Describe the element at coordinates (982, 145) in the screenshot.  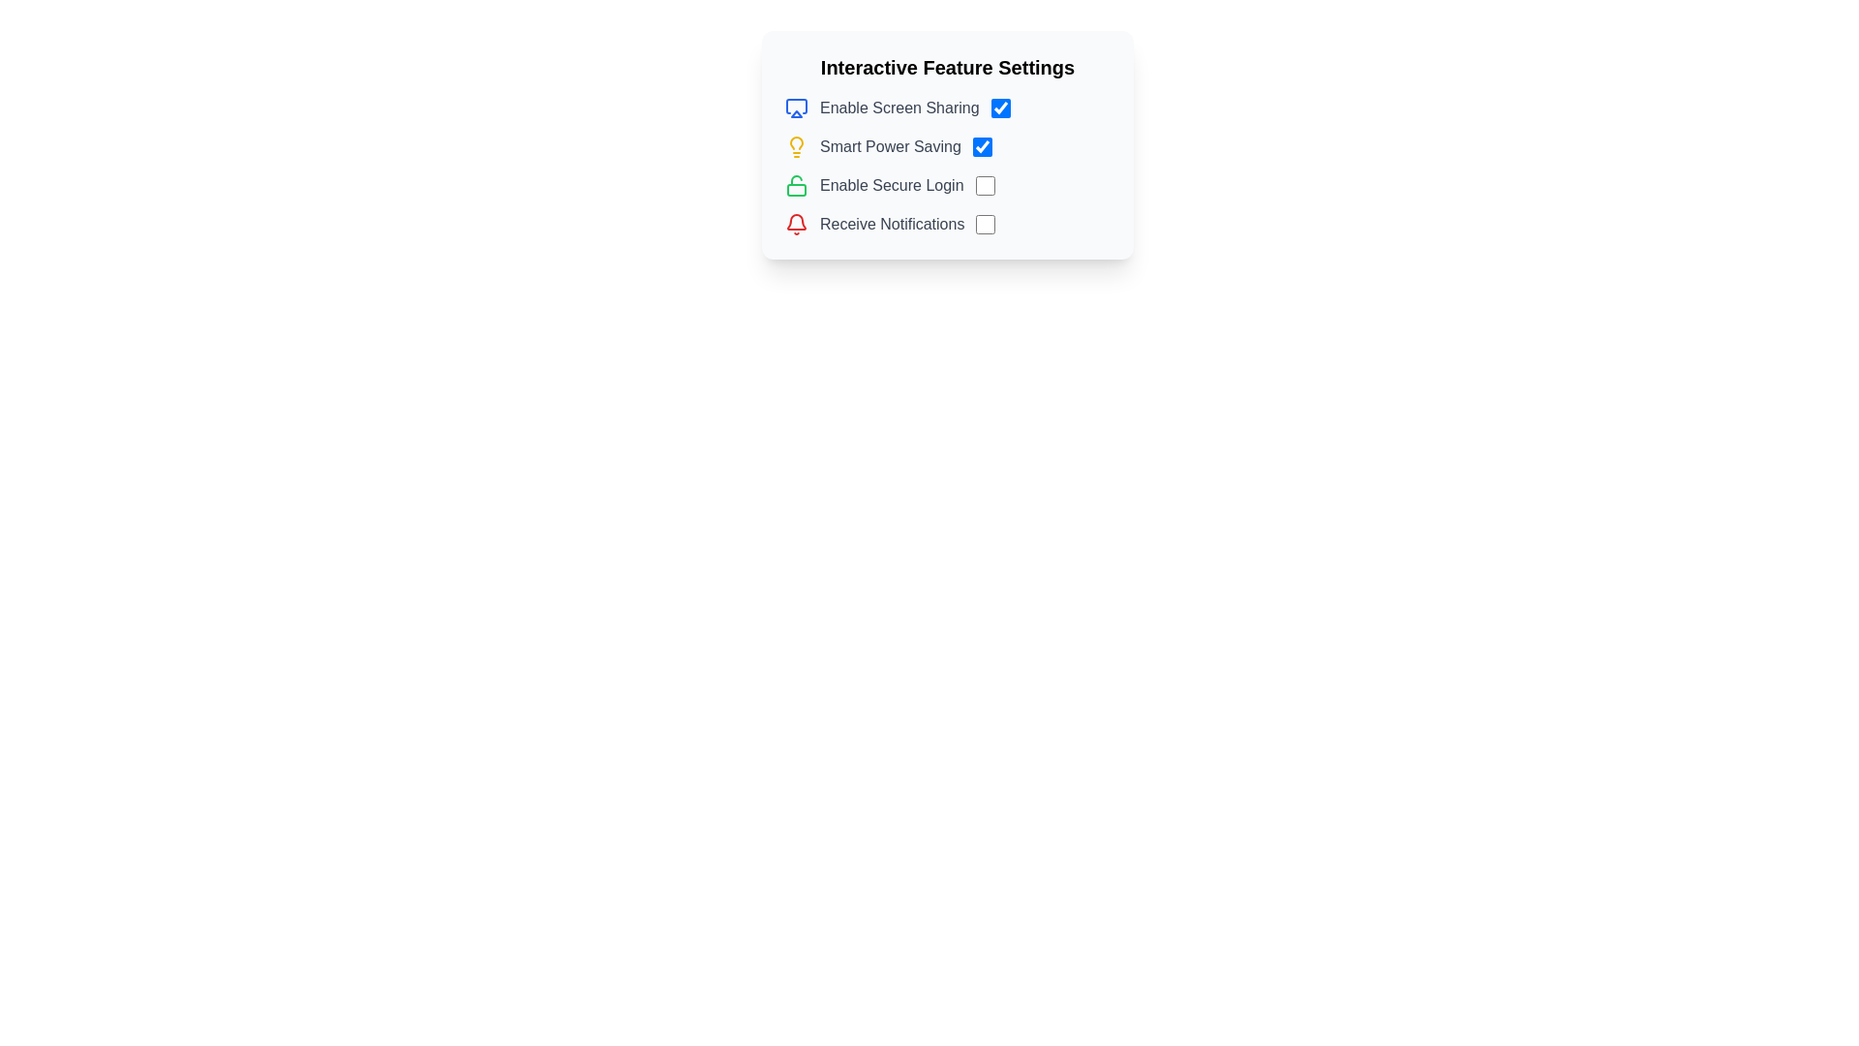
I see `the checkbox with a yellow border and a white checkmark in the center` at that location.